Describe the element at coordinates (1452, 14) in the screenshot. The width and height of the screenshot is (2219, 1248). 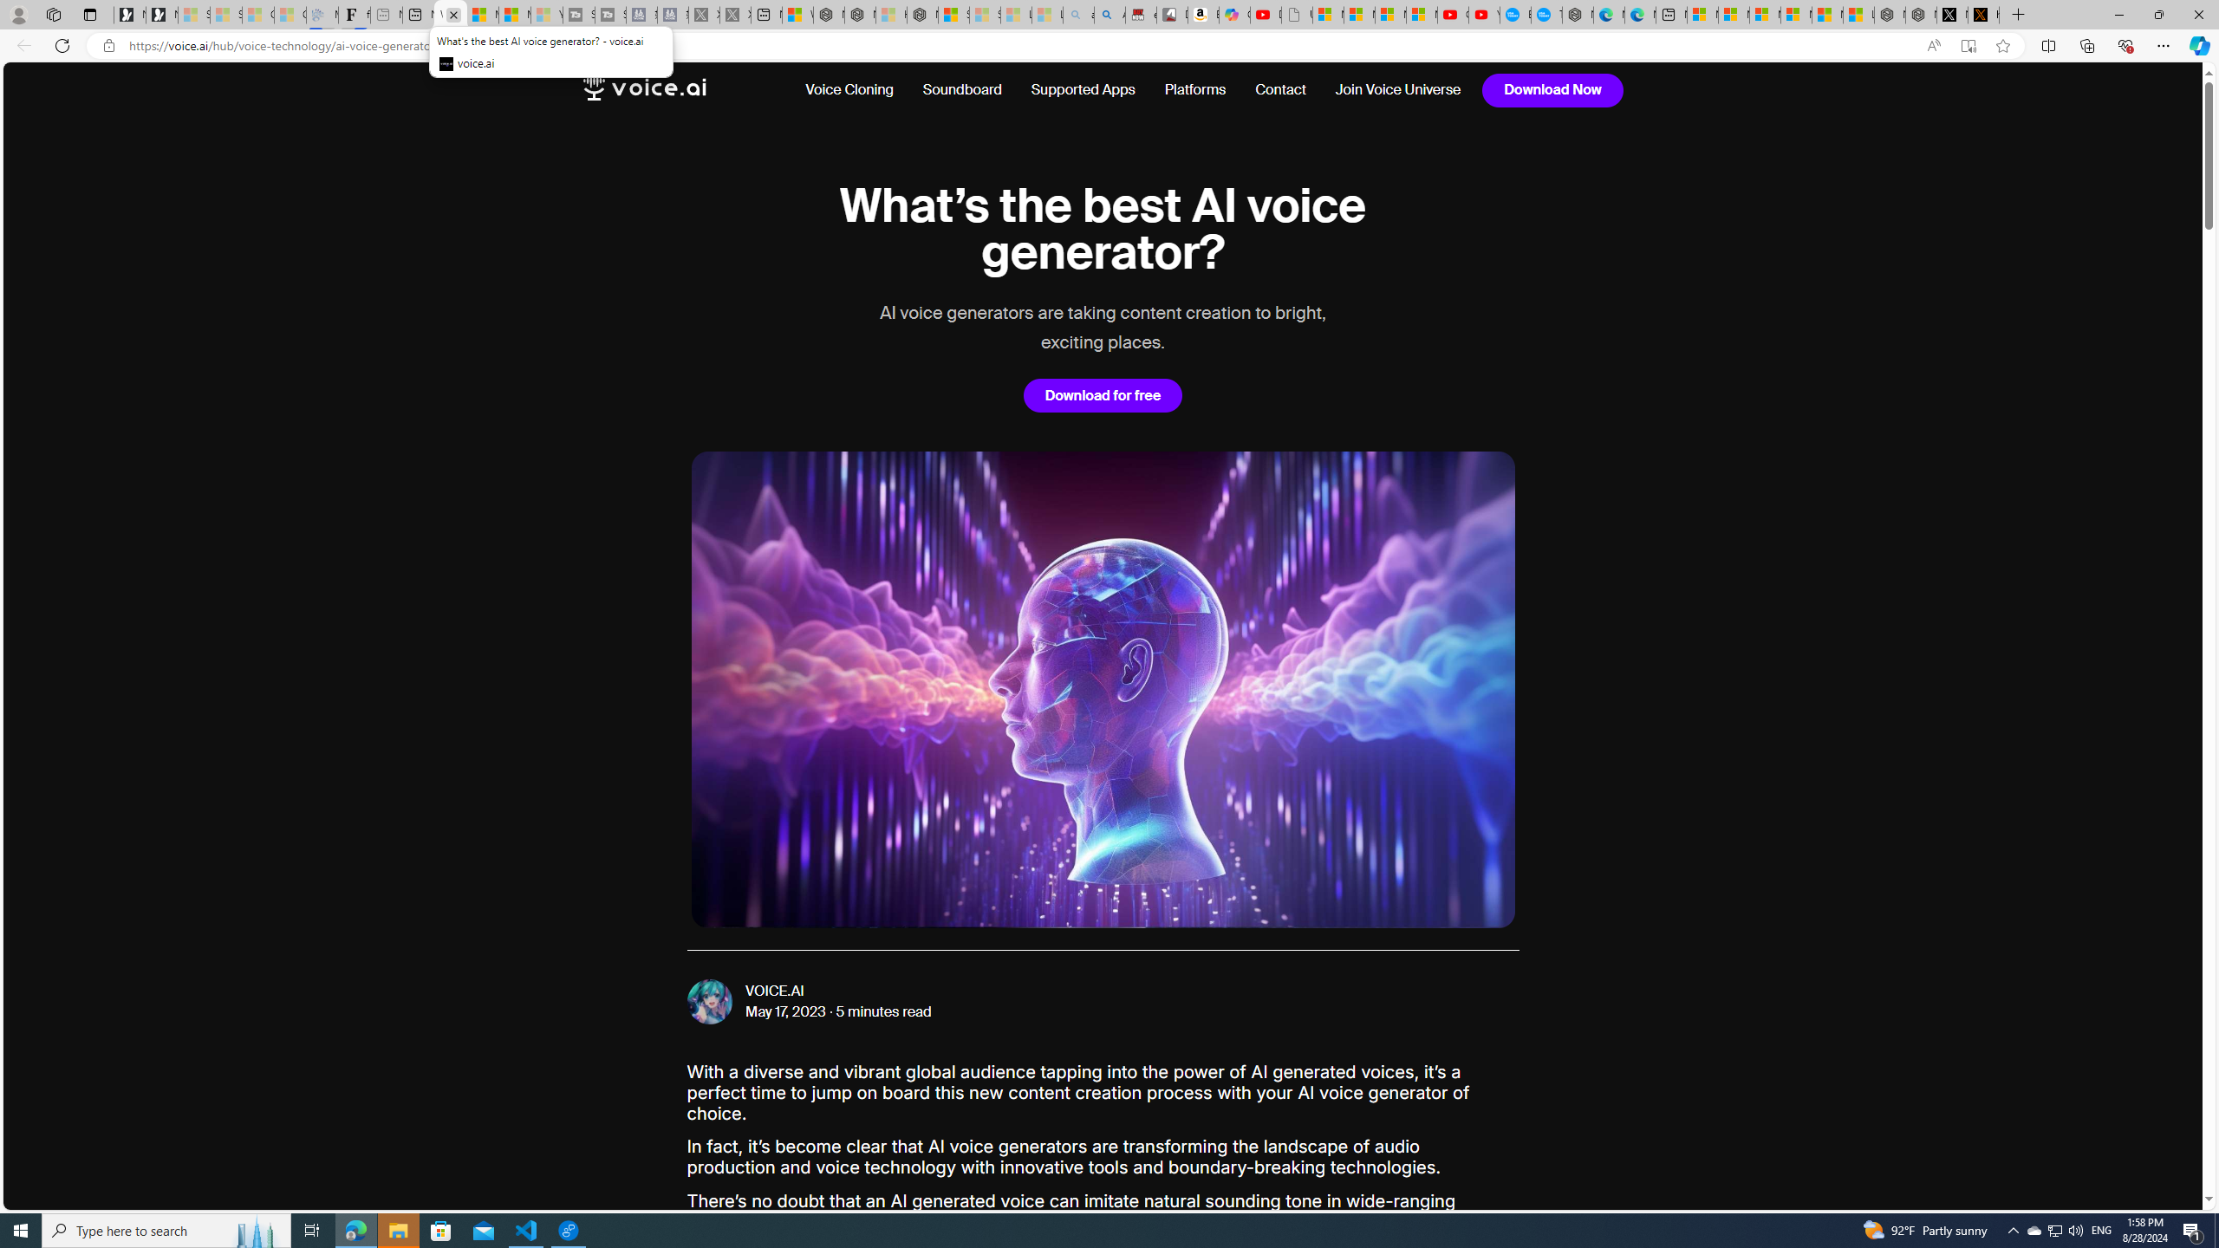
I see `'Gloom - YouTube'` at that location.